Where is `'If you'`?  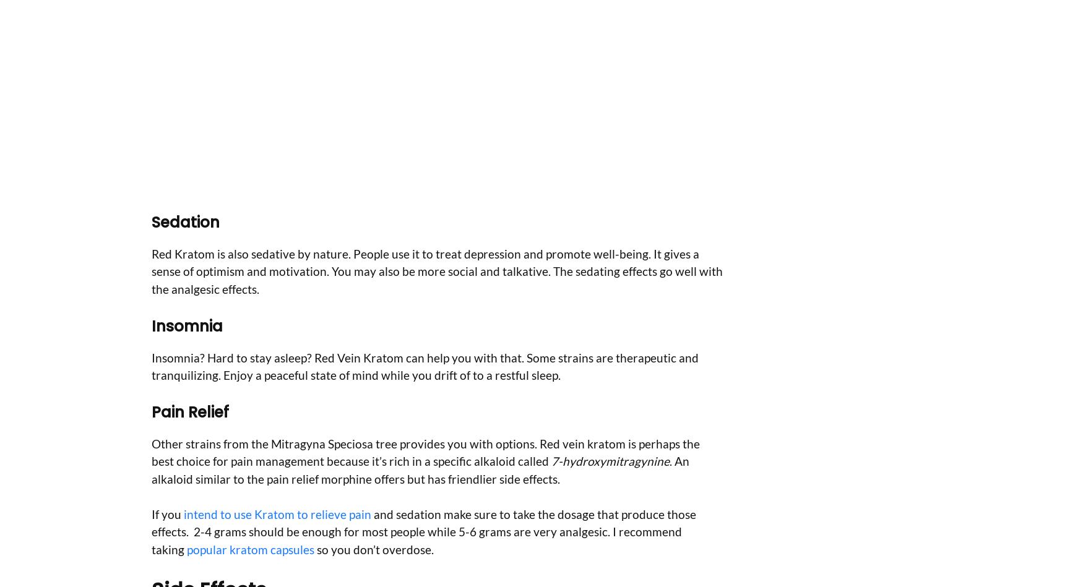
'If you' is located at coordinates (152, 513).